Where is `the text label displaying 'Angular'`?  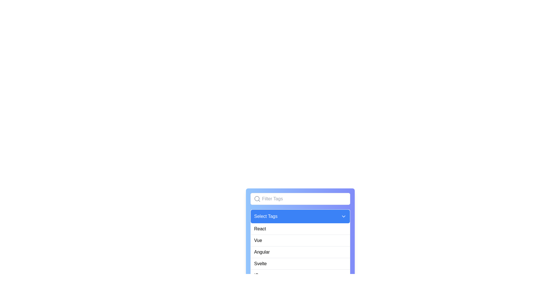
the text label displaying 'Angular' is located at coordinates (262, 252).